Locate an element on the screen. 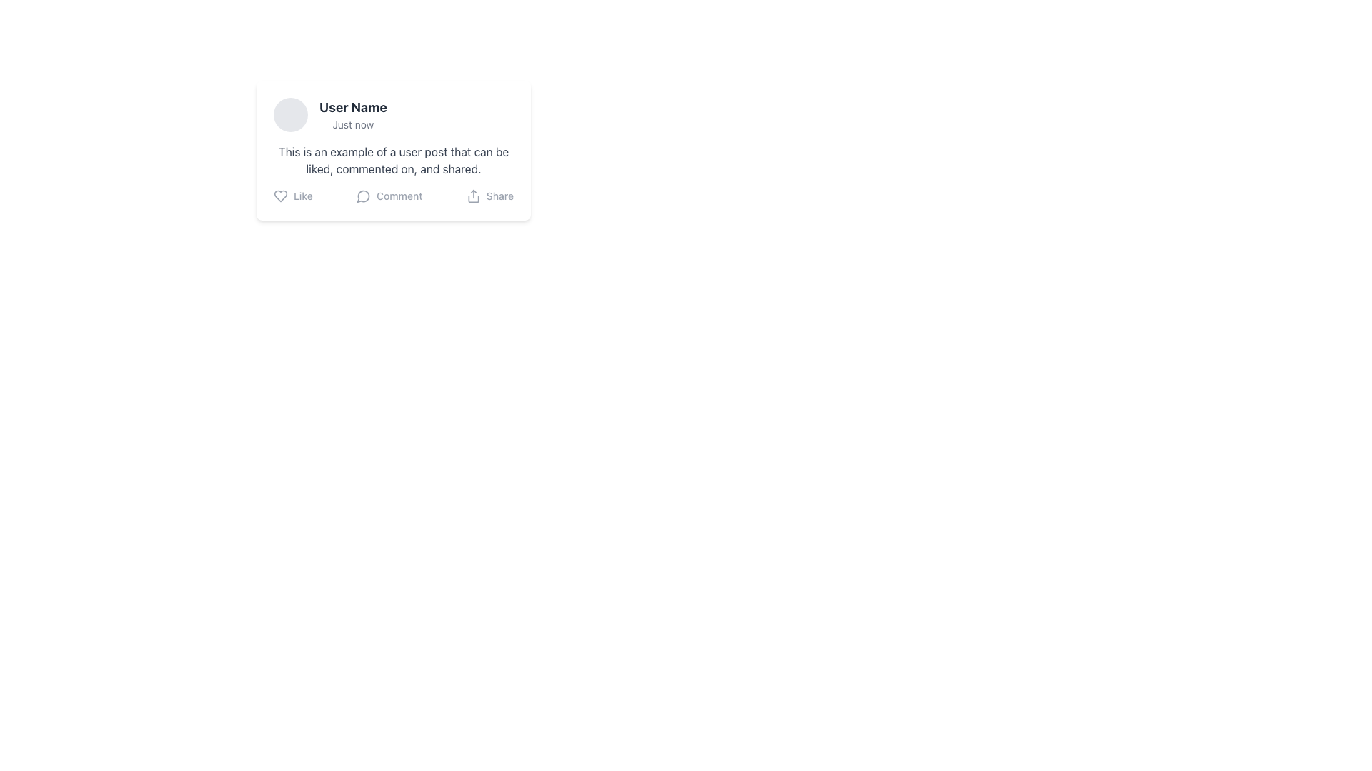 The width and height of the screenshot is (1372, 771). the 'Share' text label, which is styled in gray and positioned to the right of the share icon at the bottom right of the user post card is located at coordinates (499, 196).